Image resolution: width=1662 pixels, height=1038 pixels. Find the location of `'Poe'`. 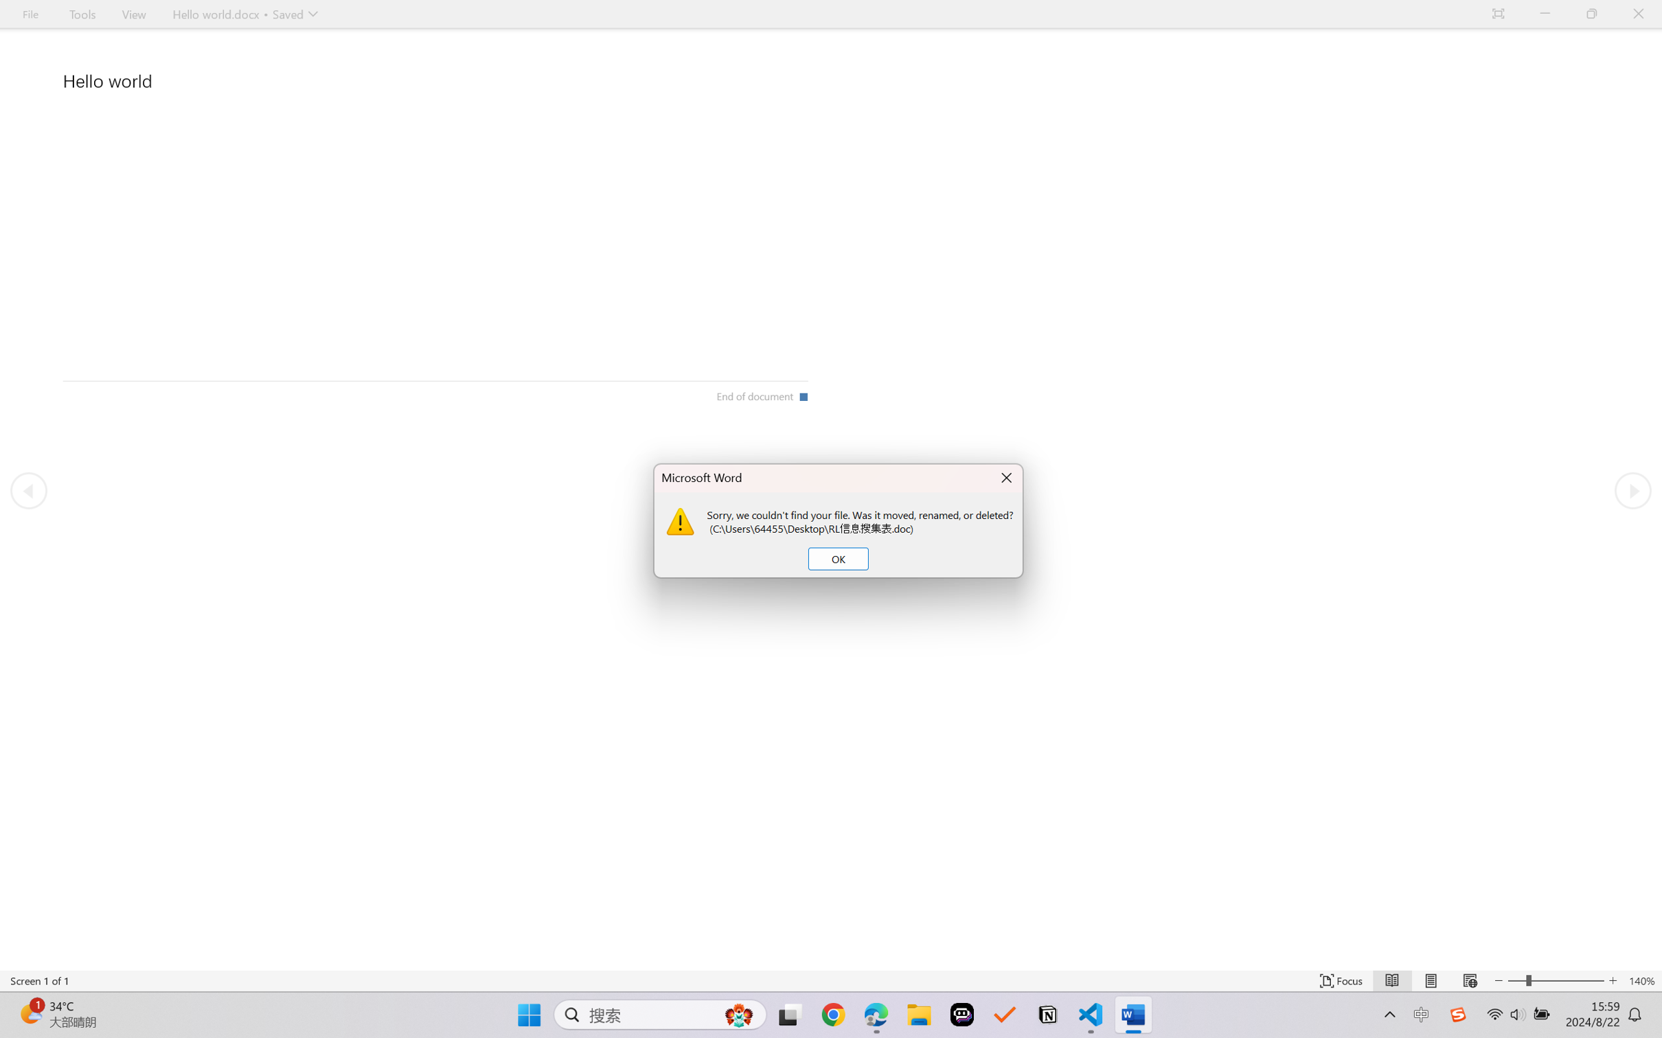

'Poe' is located at coordinates (961, 1015).